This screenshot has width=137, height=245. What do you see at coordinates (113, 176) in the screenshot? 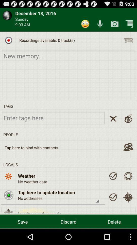
I see `to select the tick` at bounding box center [113, 176].